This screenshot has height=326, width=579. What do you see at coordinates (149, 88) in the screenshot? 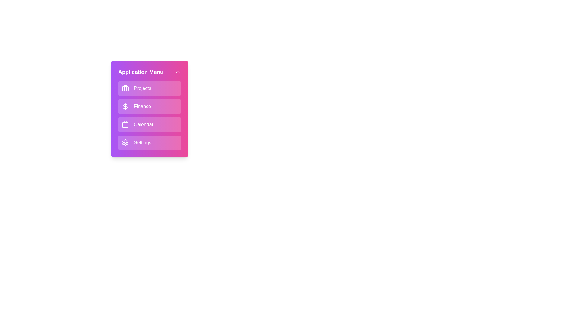
I see `the menu item Projects by clicking on it` at bounding box center [149, 88].